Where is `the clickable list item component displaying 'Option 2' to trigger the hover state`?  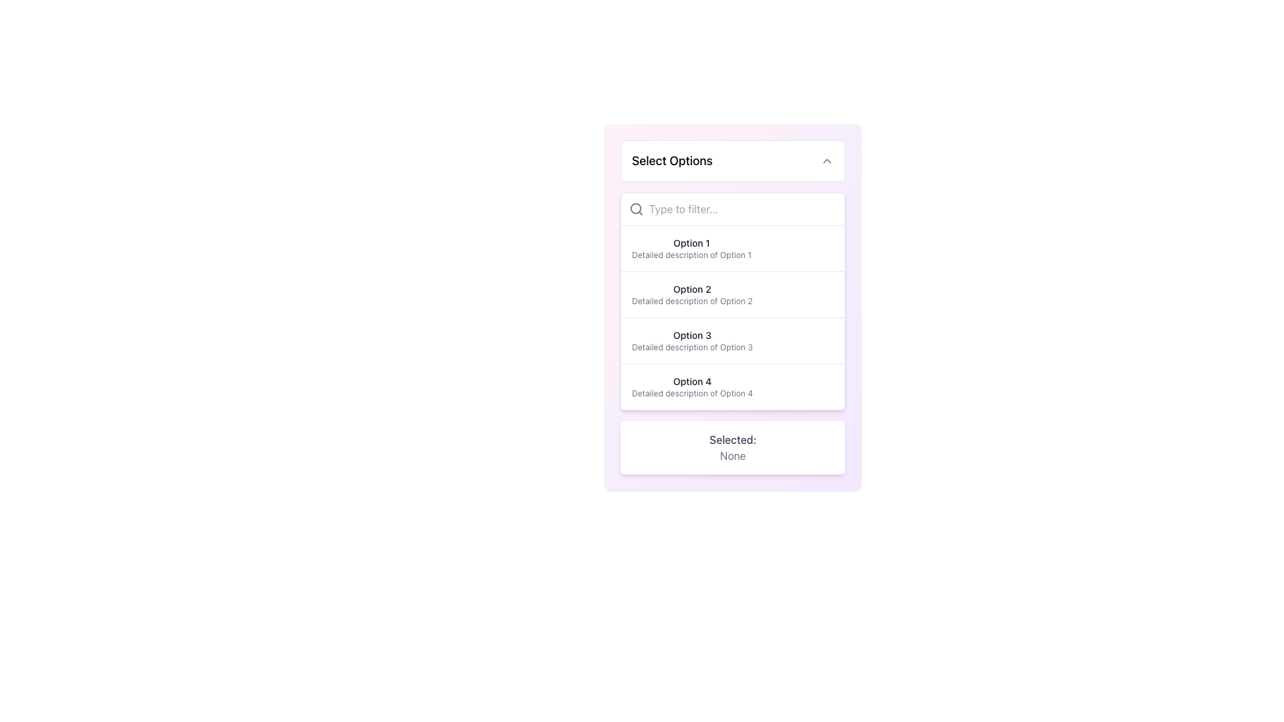 the clickable list item component displaying 'Option 2' to trigger the hover state is located at coordinates (732, 293).